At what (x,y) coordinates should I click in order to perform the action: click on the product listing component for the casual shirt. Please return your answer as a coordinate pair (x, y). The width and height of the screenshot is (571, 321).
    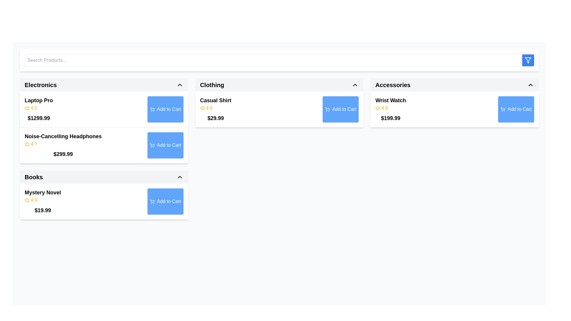
    Looking at the image, I should click on (279, 109).